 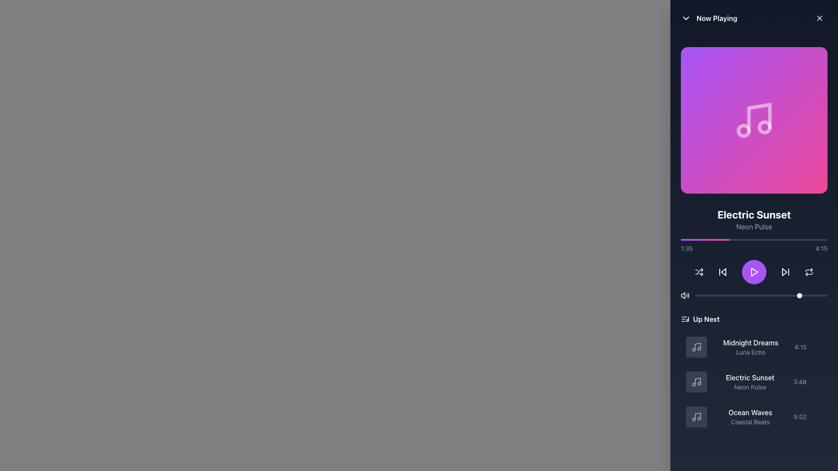 I want to click on the 'Ocean Waves' text element, which serves as a label in the 'Up Next' section of the right side panel, preceding 'Coastal Beats', so click(x=750, y=412).